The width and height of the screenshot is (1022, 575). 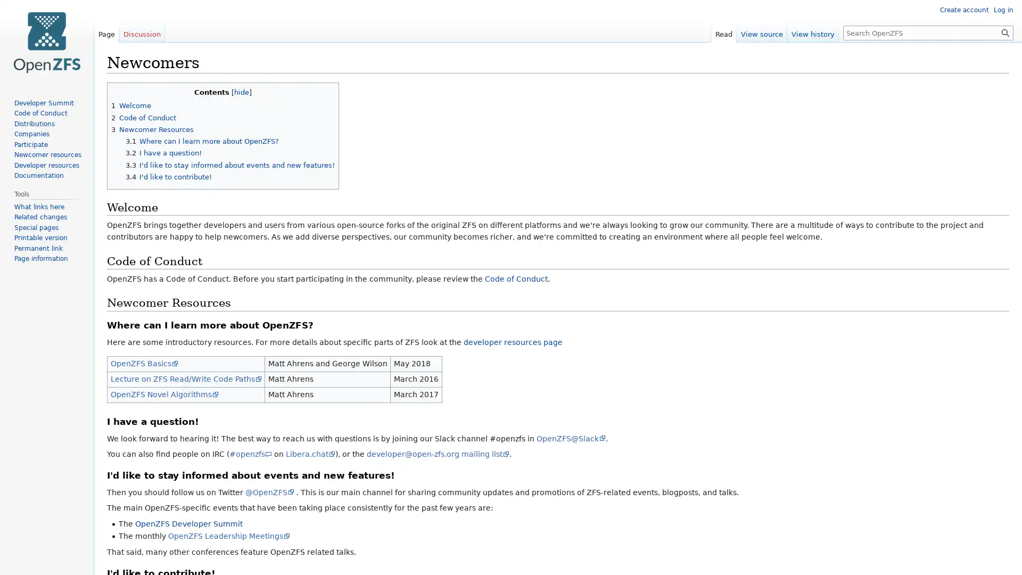 What do you see at coordinates (1005, 32) in the screenshot?
I see `Go` at bounding box center [1005, 32].